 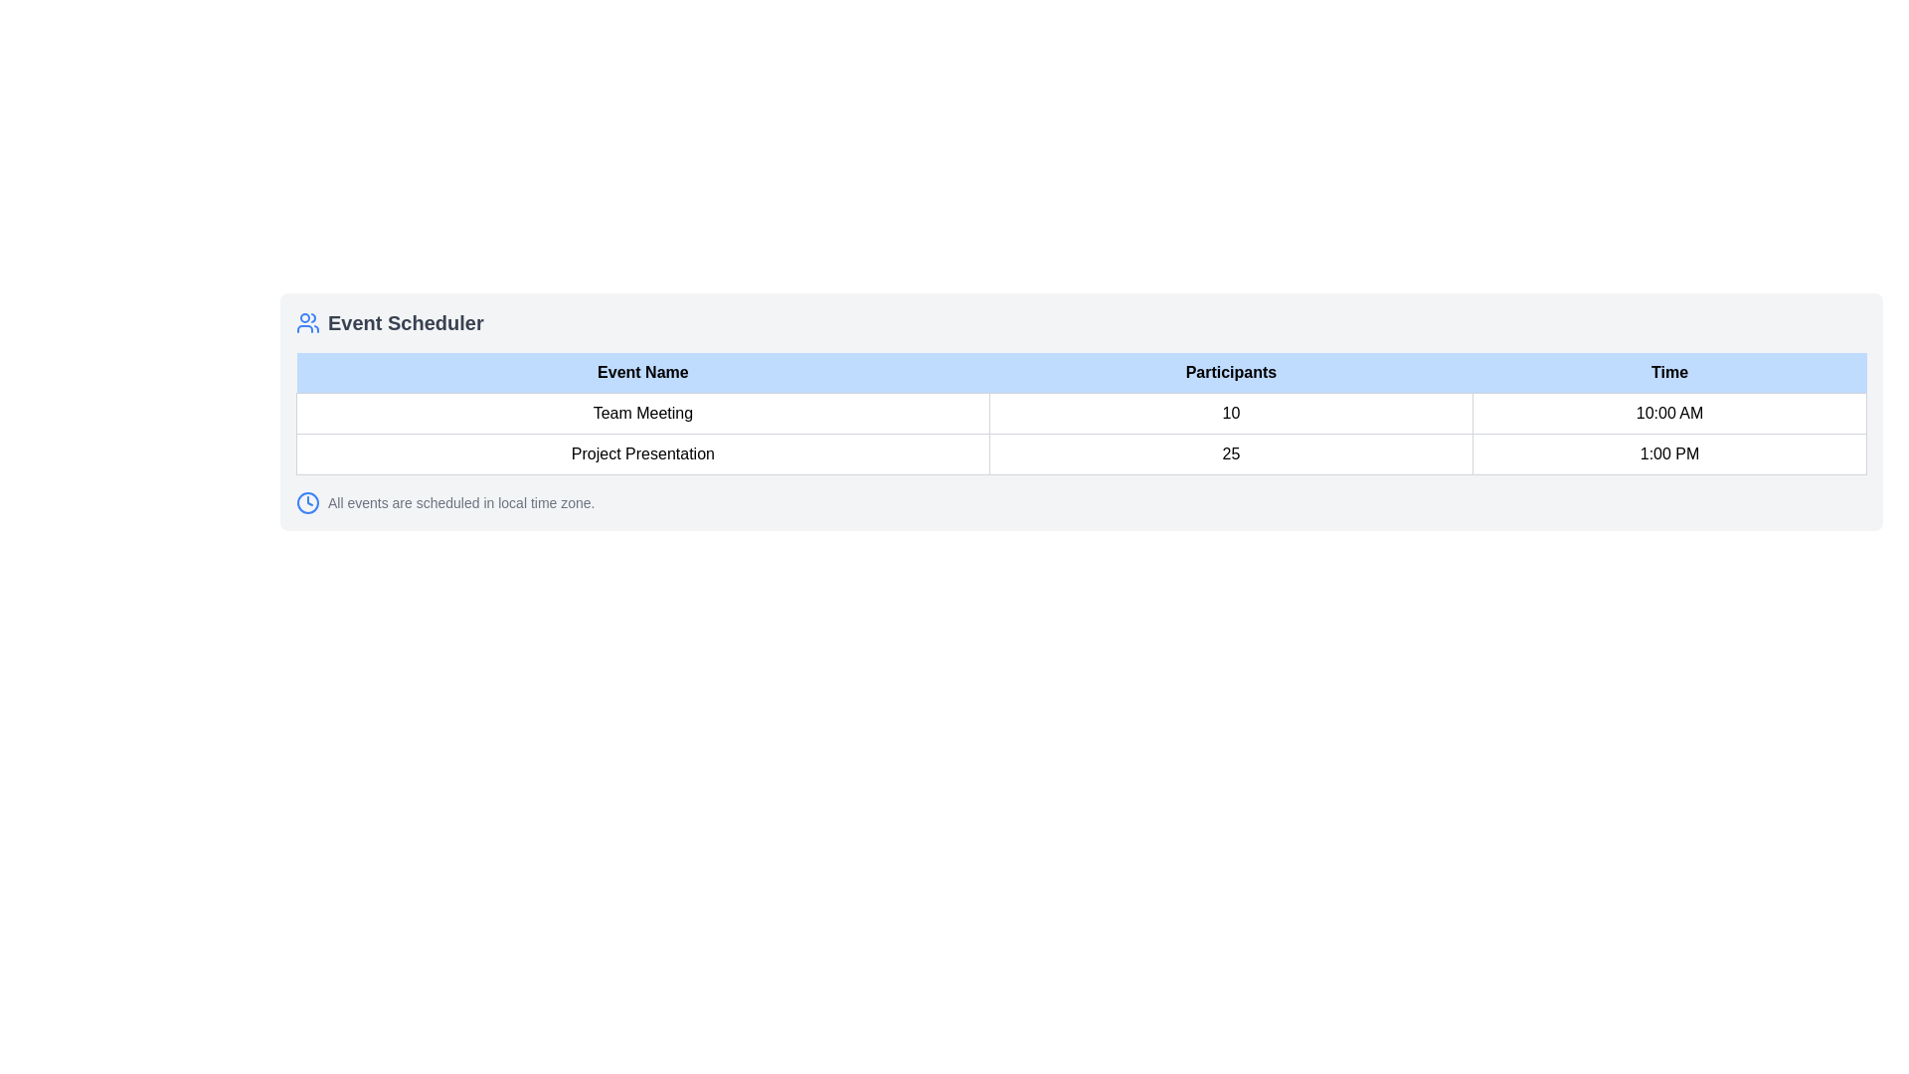 I want to click on outer circular border of the clock icon located at the bottom-left corner of the 'Event Scheduler' panel using developer tools, so click(x=307, y=501).